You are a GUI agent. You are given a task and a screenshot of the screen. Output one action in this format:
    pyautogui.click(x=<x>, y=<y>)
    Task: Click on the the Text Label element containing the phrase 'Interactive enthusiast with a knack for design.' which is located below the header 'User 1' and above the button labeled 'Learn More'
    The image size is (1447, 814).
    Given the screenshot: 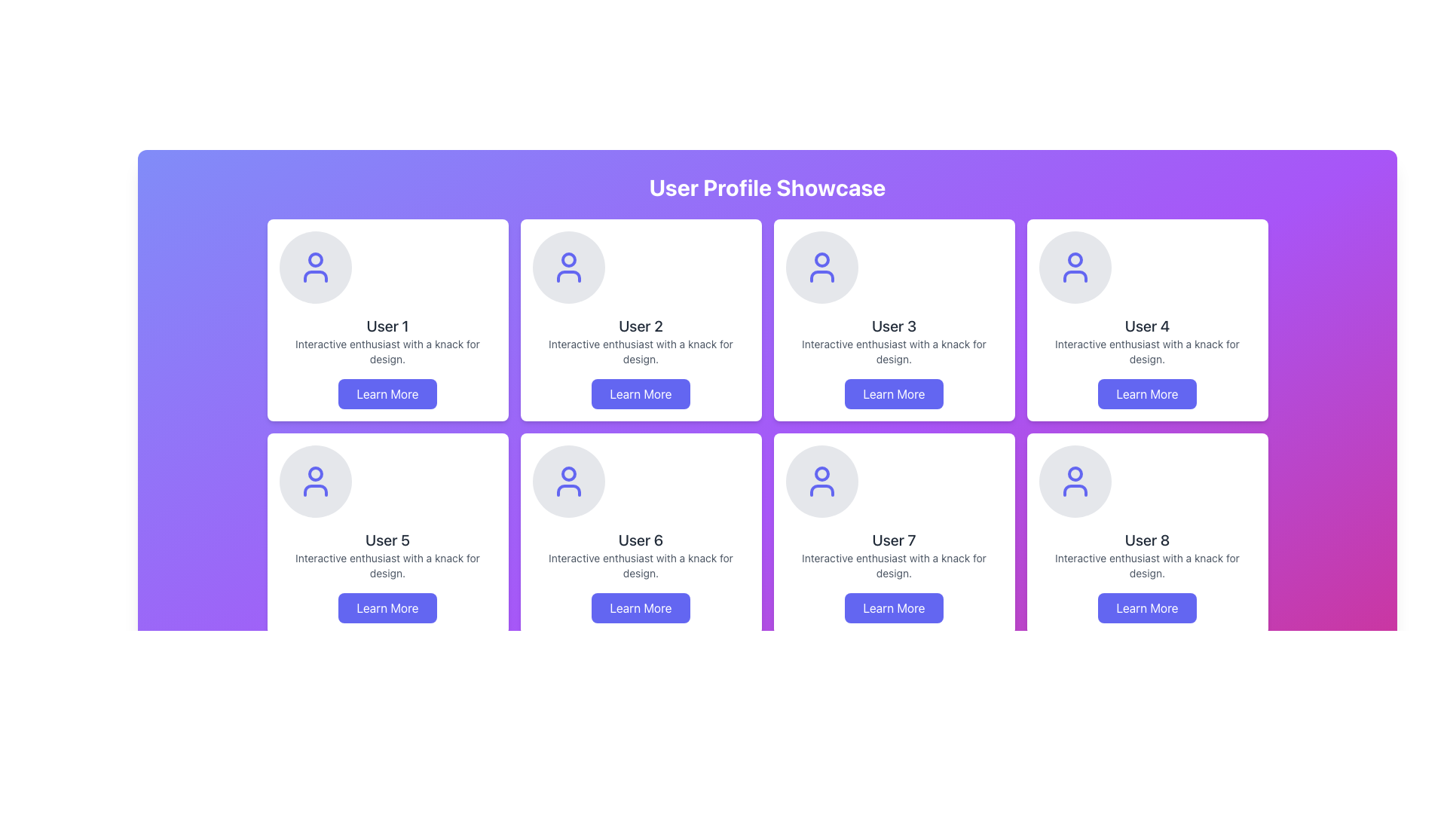 What is the action you would take?
    pyautogui.click(x=387, y=351)
    